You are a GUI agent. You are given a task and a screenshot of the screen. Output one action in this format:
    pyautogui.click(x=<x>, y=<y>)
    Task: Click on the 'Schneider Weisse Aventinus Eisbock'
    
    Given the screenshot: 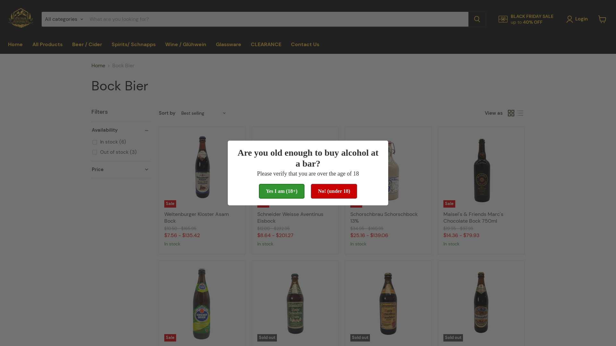 What is the action you would take?
    pyautogui.click(x=257, y=217)
    